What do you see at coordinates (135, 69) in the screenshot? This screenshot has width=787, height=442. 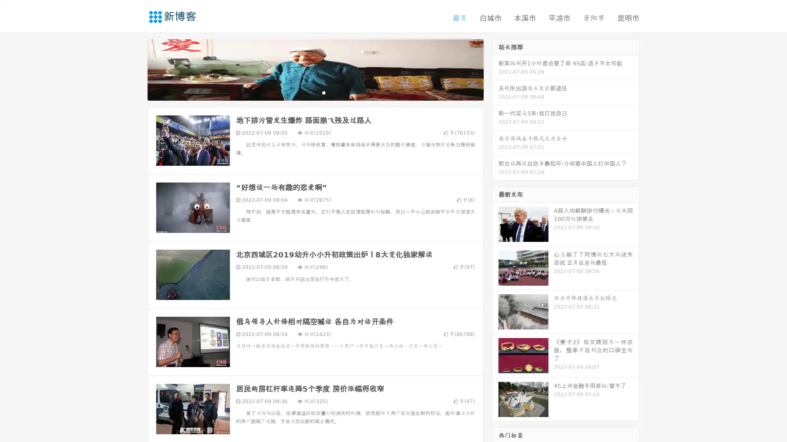 I see `Previous slide` at bounding box center [135, 69].